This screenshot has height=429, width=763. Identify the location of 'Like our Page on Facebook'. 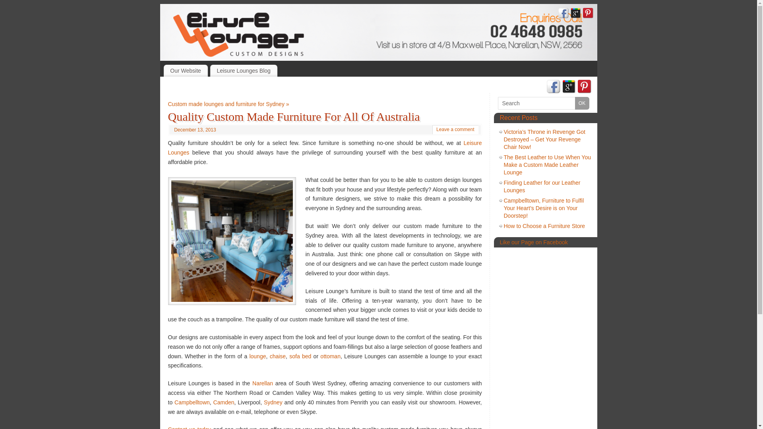
(534, 242).